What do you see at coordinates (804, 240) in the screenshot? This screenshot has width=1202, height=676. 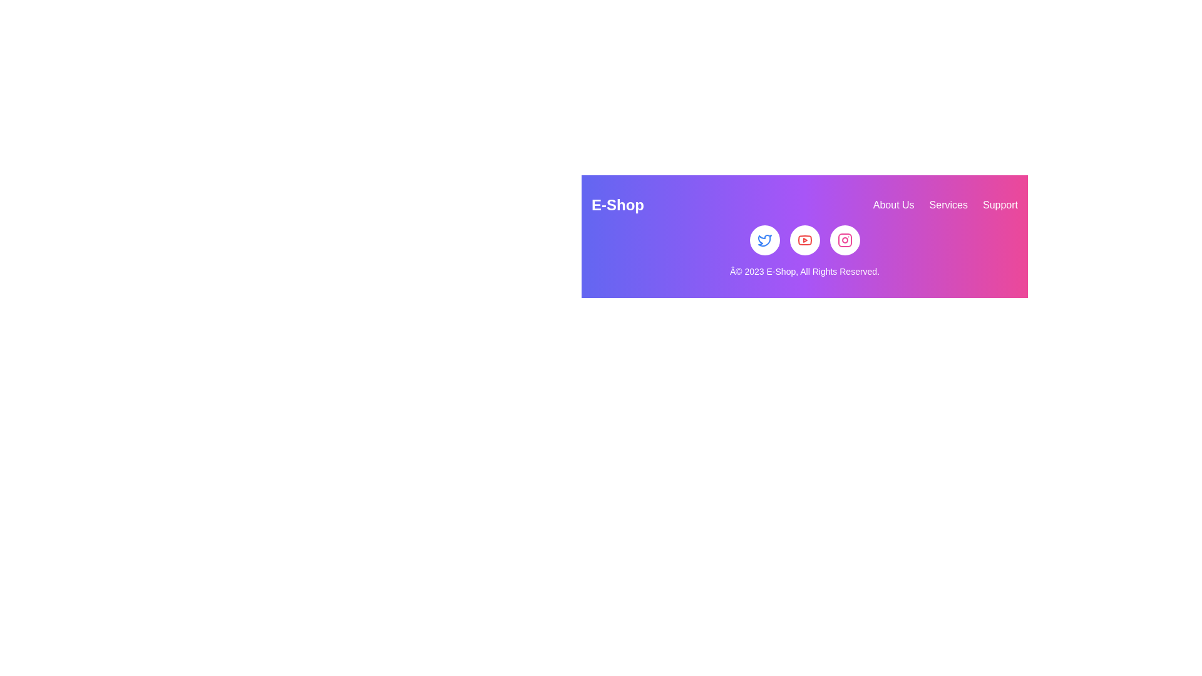 I see `the second IconButton in the footer` at bounding box center [804, 240].